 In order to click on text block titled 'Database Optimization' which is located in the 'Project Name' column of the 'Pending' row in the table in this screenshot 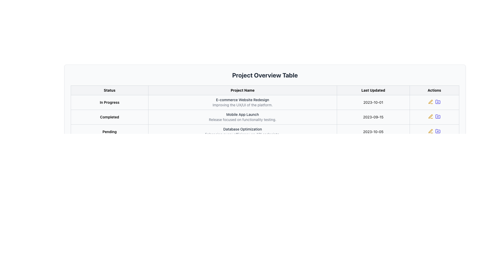, I will do `click(242, 132)`.